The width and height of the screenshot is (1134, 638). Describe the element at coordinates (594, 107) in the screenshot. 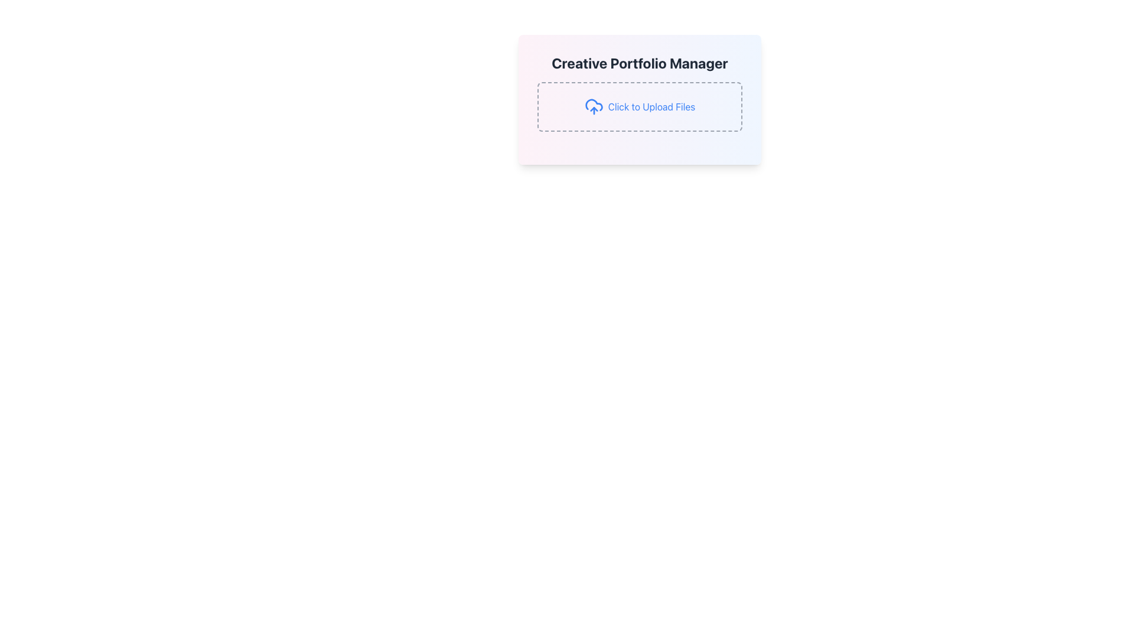

I see `the cloud upload icon with an upward arrow, which is located to the left of the 'Click to Upload Files' label` at that location.